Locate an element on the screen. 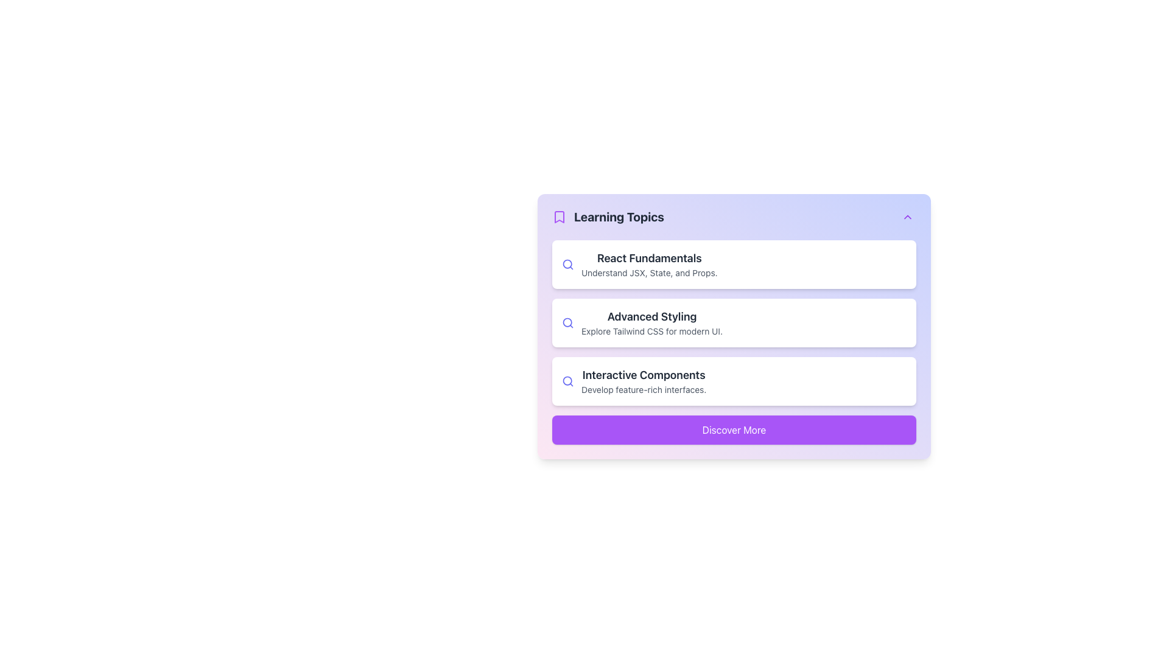  the second item in the 'Learning Topics' list is located at coordinates (733, 325).